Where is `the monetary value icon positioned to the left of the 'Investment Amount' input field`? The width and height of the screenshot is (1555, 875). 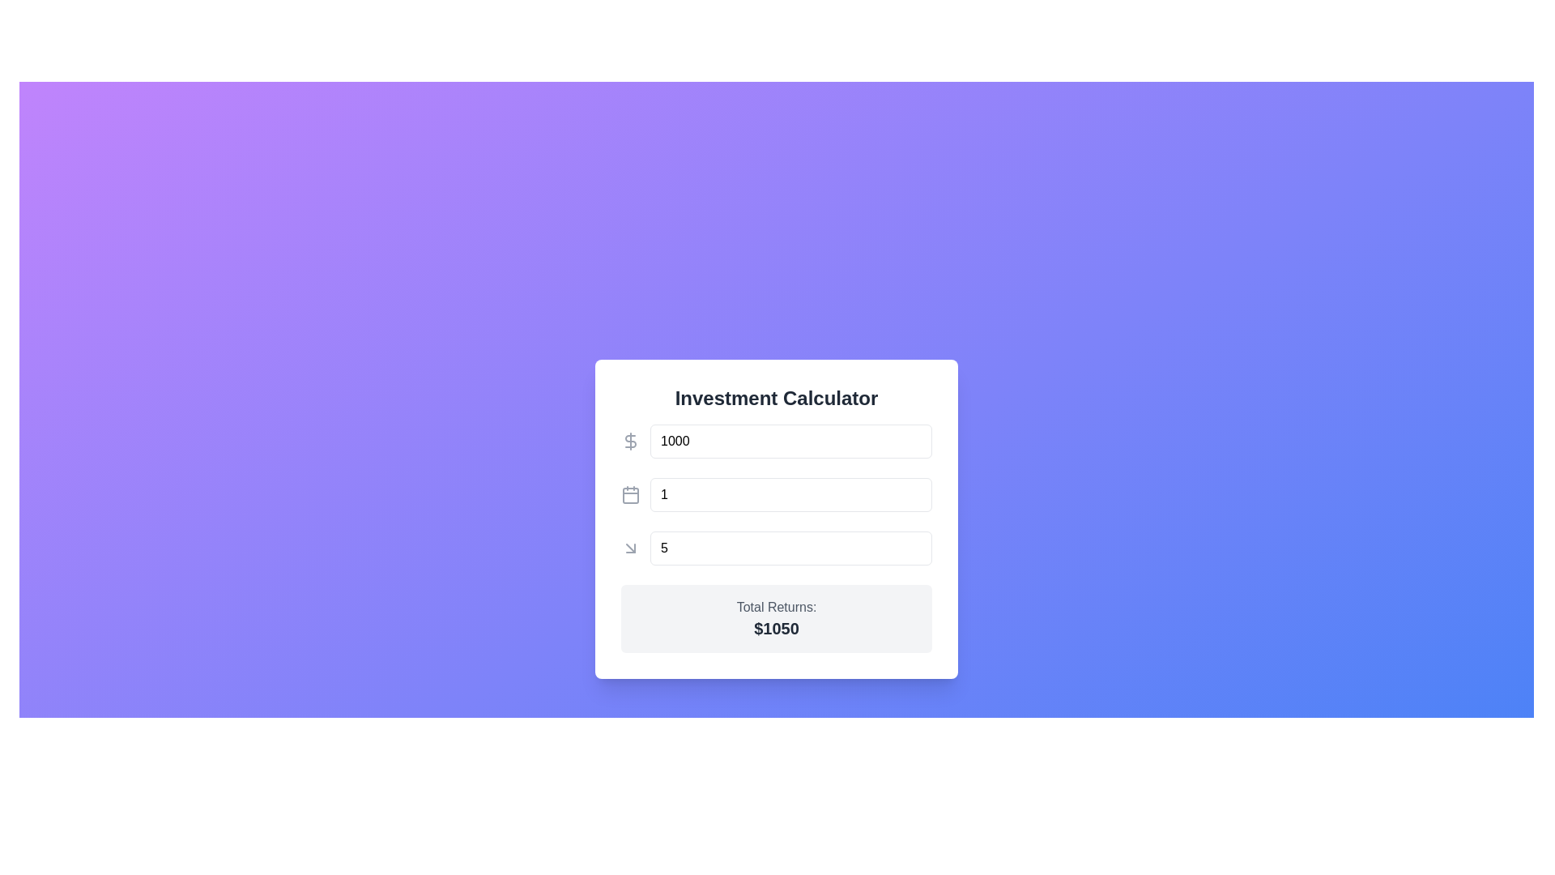
the monetary value icon positioned to the left of the 'Investment Amount' input field is located at coordinates (629, 441).